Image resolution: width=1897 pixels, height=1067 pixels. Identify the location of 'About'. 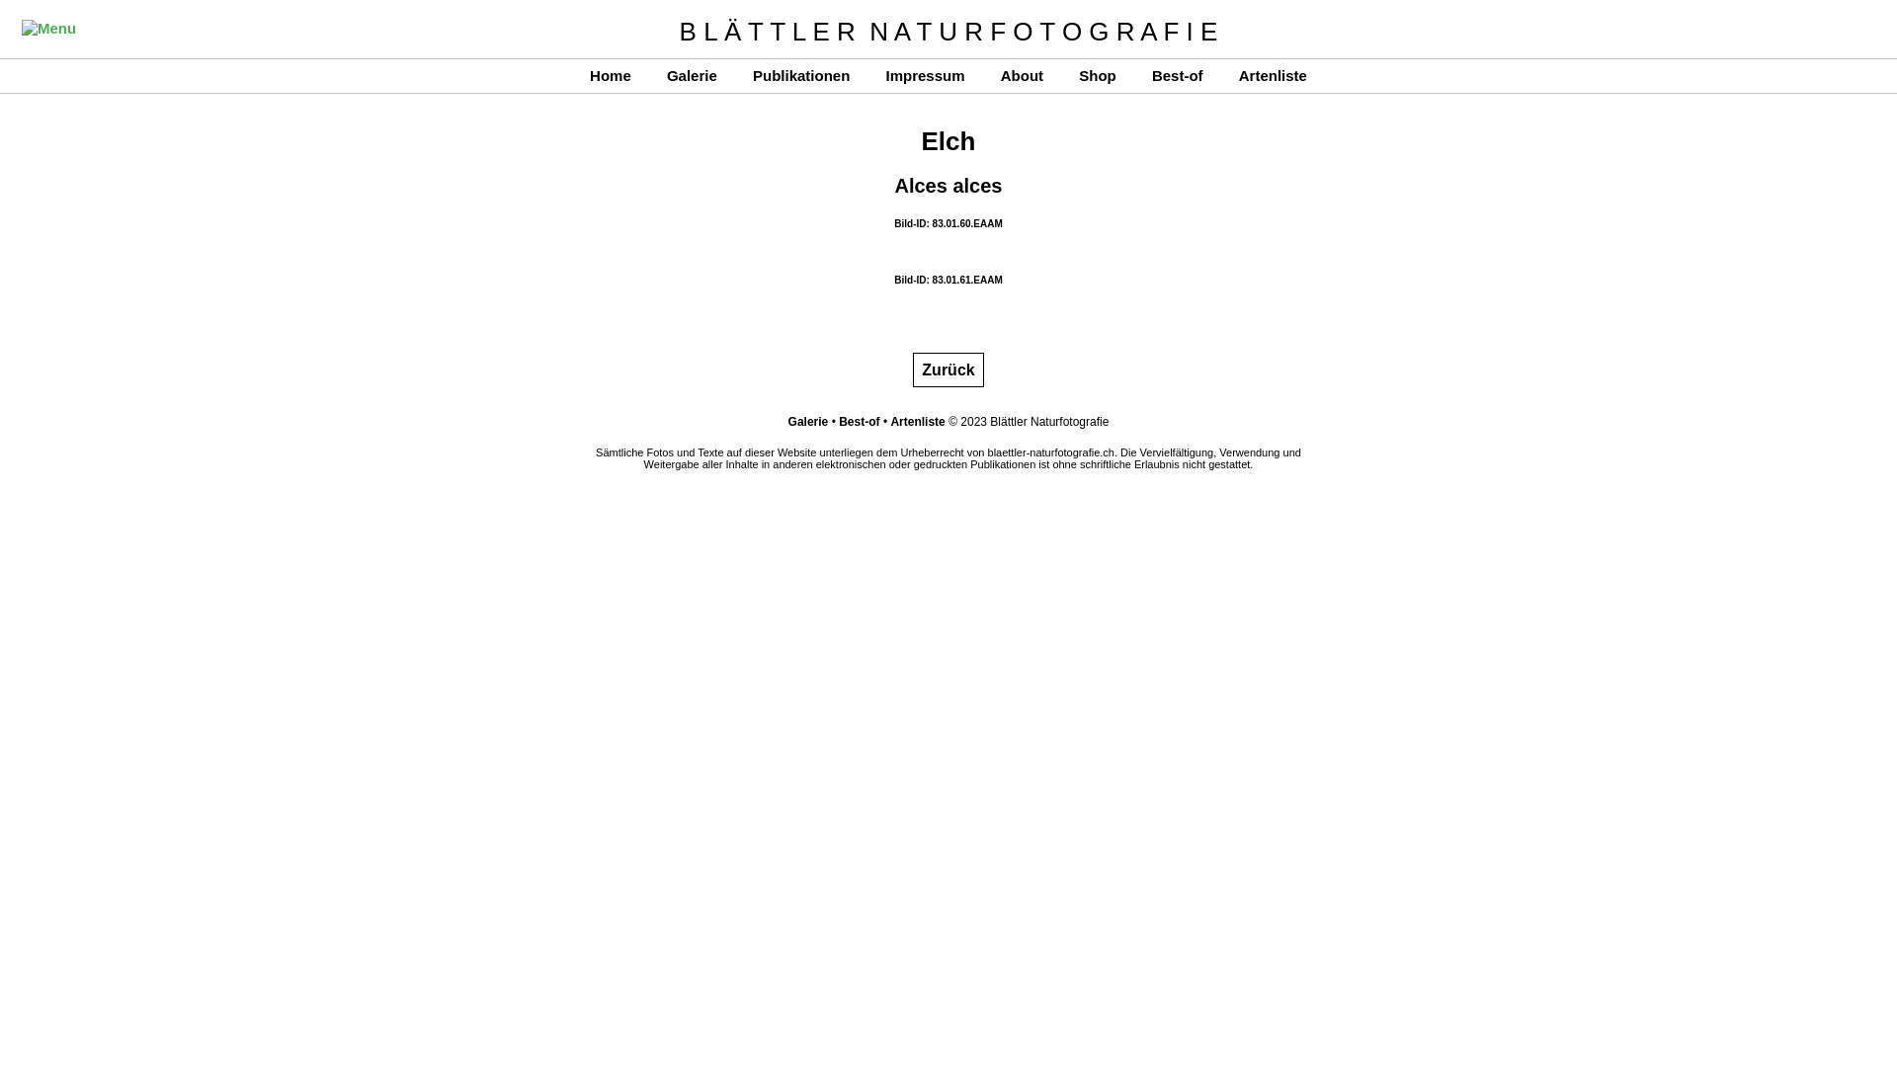
(1022, 74).